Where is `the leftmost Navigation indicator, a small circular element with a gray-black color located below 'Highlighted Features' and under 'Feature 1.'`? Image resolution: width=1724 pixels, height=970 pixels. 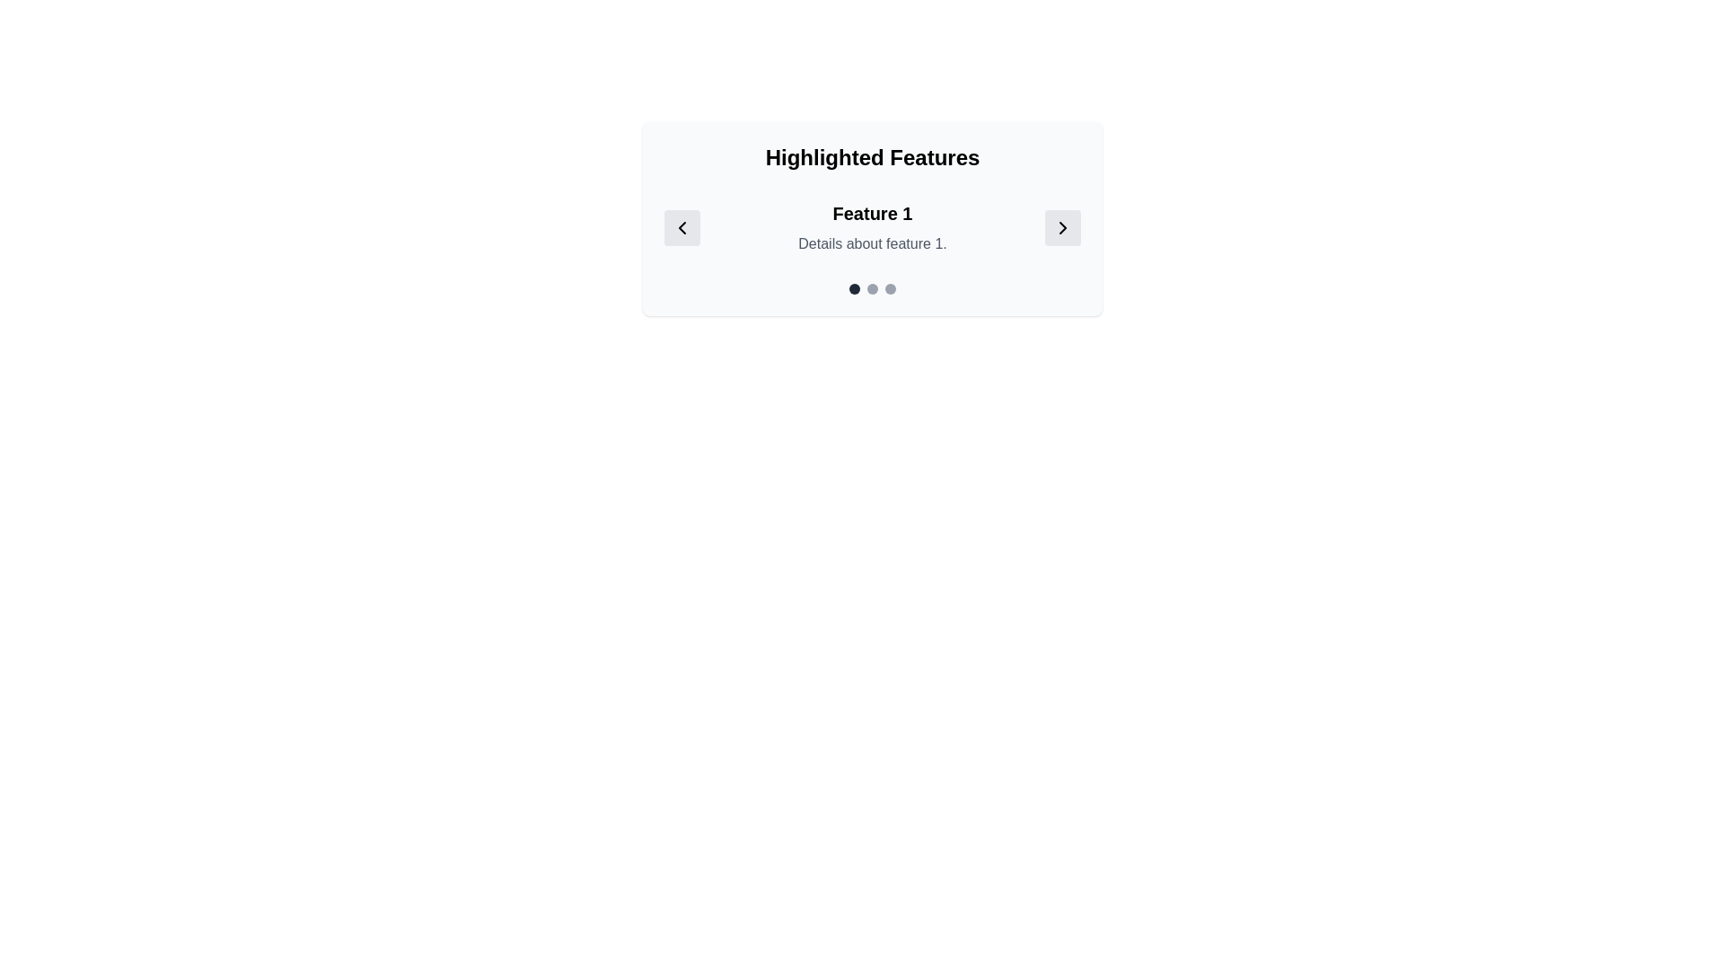
the leftmost Navigation indicator, a small circular element with a gray-black color located below 'Highlighted Features' and under 'Feature 1.' is located at coordinates (853, 287).